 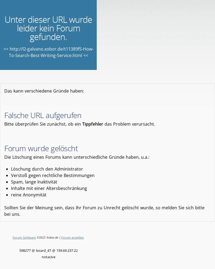 I want to click on 'Das kann verschiedene Gründe haben:', so click(x=44, y=91).